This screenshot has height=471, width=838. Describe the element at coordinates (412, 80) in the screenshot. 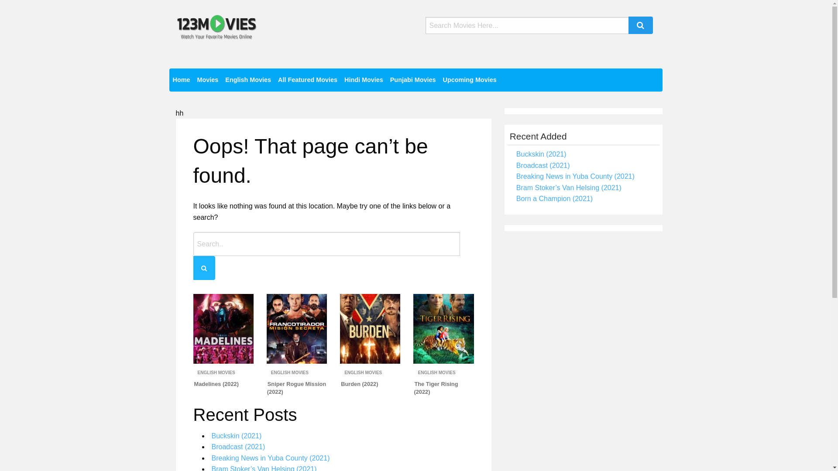

I see `'Punjabi Movies'` at that location.